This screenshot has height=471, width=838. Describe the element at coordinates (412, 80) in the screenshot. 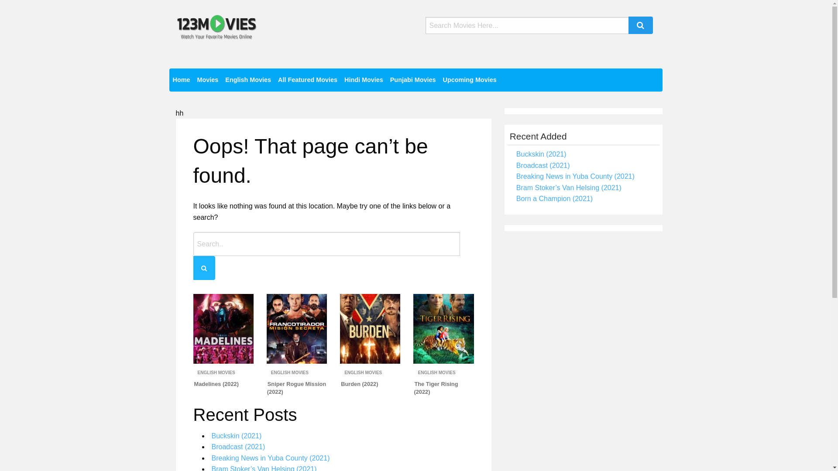

I see `'Punjabi Movies'` at that location.